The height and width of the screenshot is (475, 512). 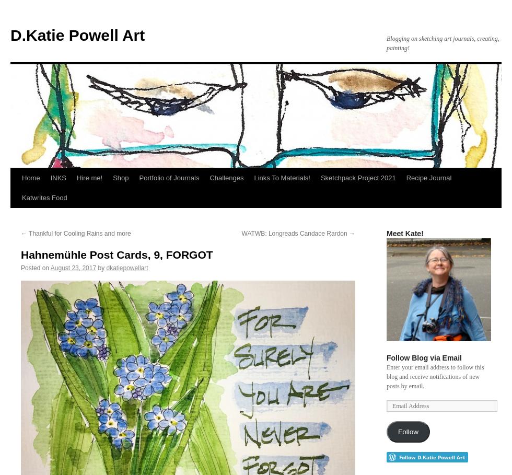 What do you see at coordinates (35, 268) in the screenshot?
I see `'Posted on'` at bounding box center [35, 268].